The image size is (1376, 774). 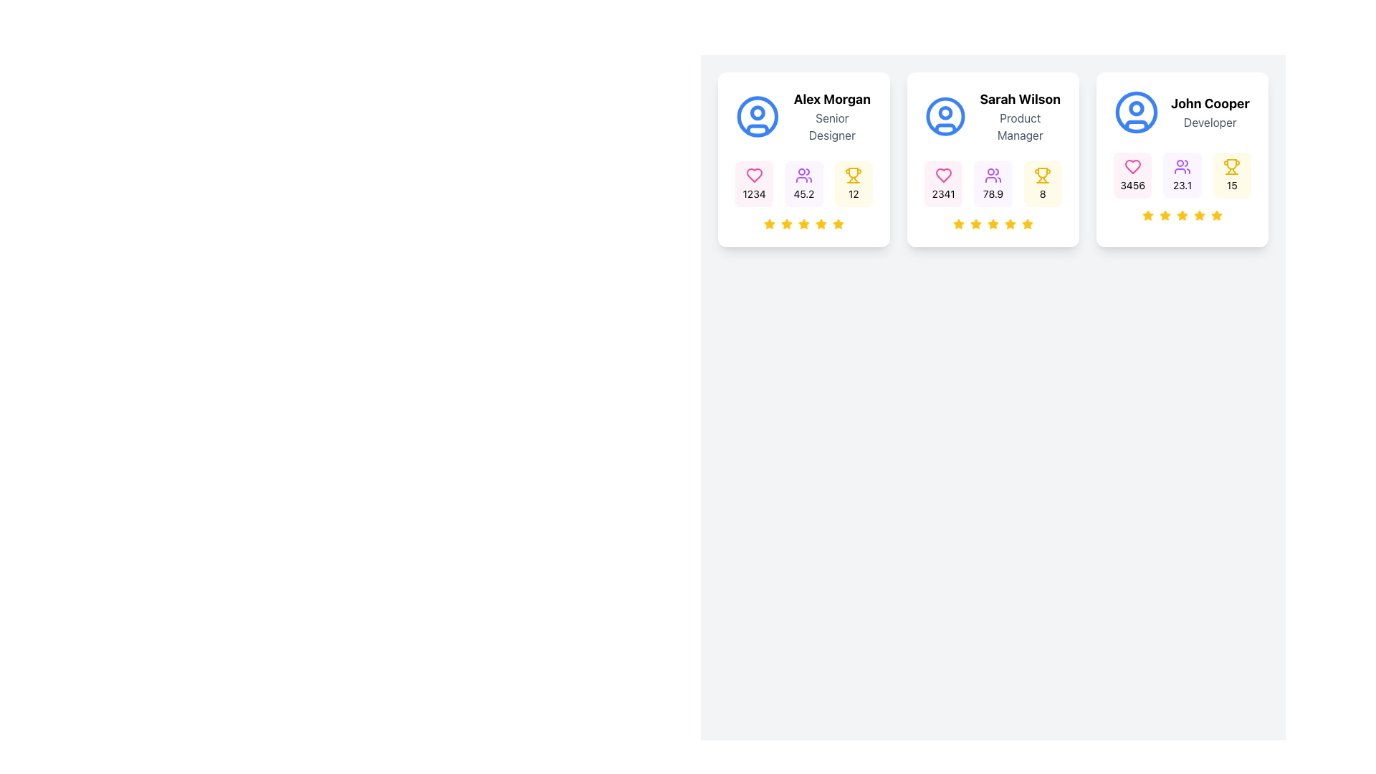 What do you see at coordinates (769, 224) in the screenshot?
I see `the fifth star icon in the five-star rating system below the name 'Alex Morgan' on the leftmost card` at bounding box center [769, 224].